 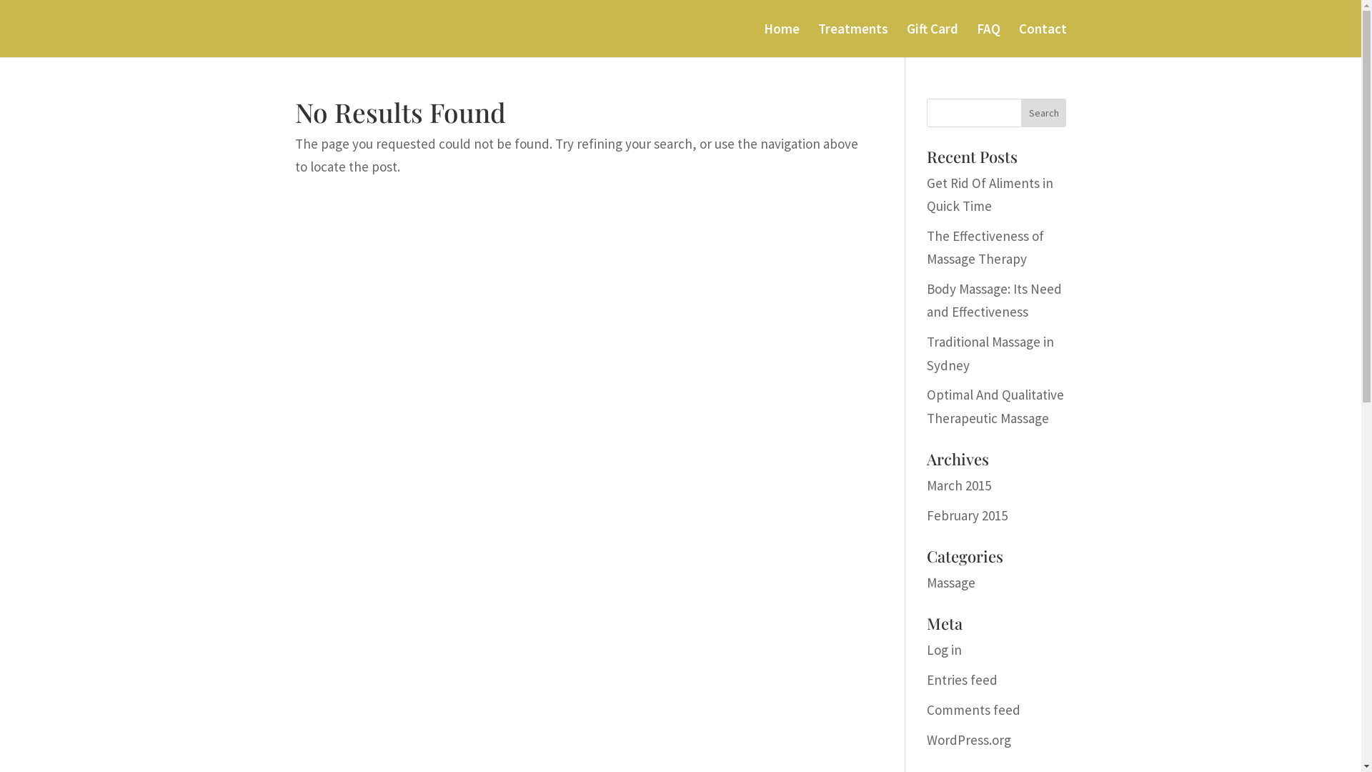 What do you see at coordinates (932, 39) in the screenshot?
I see `'Gift Card'` at bounding box center [932, 39].